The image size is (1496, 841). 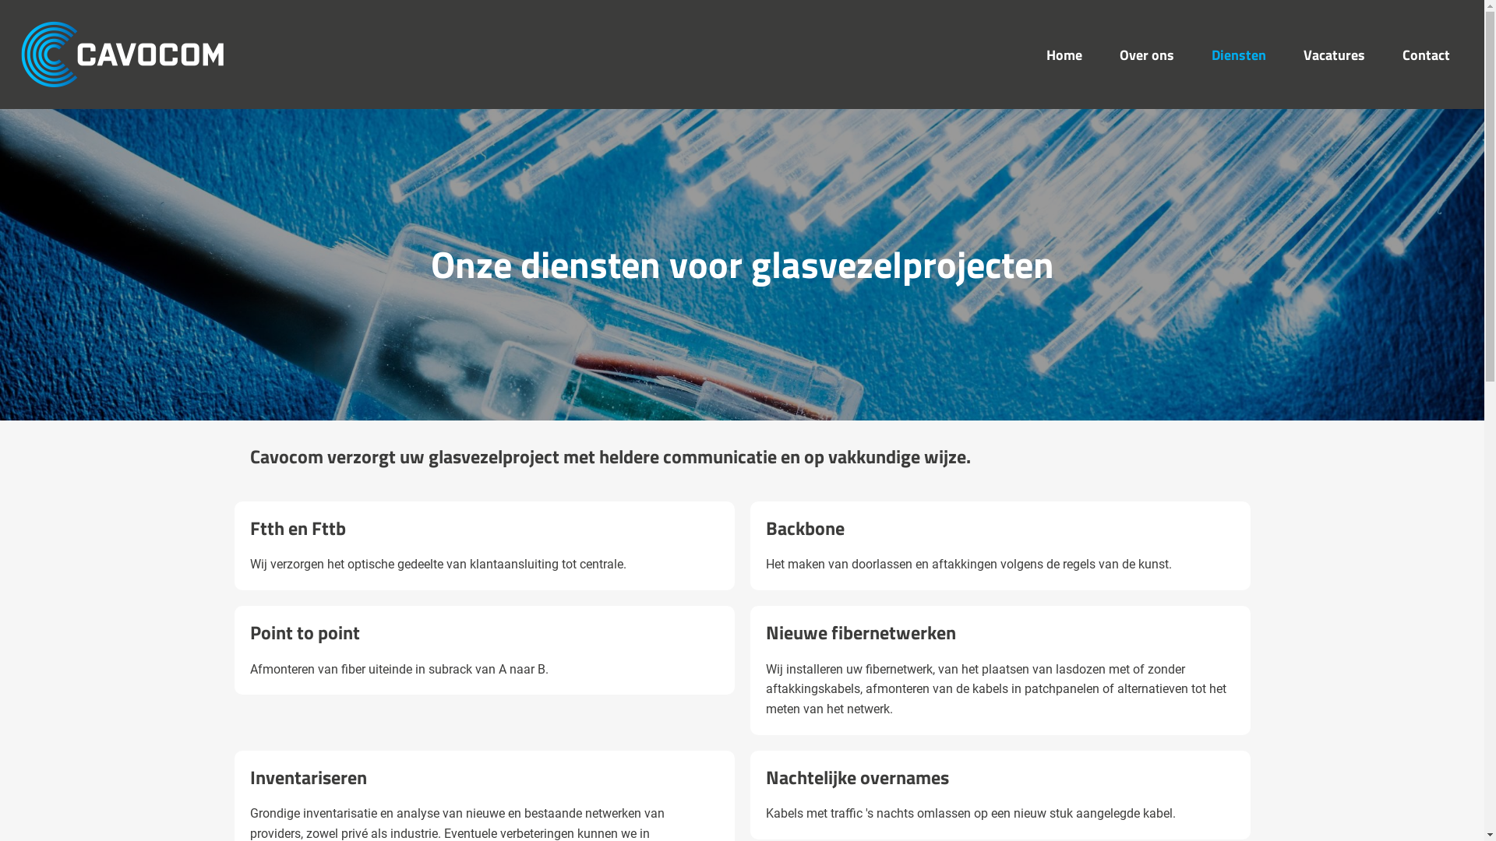 I want to click on 'Nachtelijke overnames', so click(x=856, y=777).